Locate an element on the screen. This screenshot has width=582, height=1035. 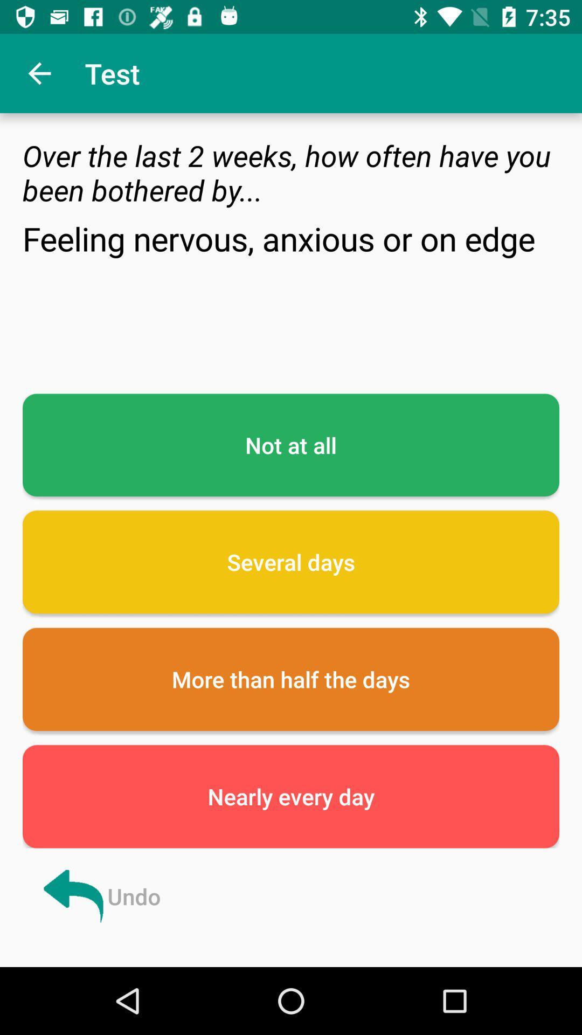
the item above the over the last is located at coordinates (39, 73).